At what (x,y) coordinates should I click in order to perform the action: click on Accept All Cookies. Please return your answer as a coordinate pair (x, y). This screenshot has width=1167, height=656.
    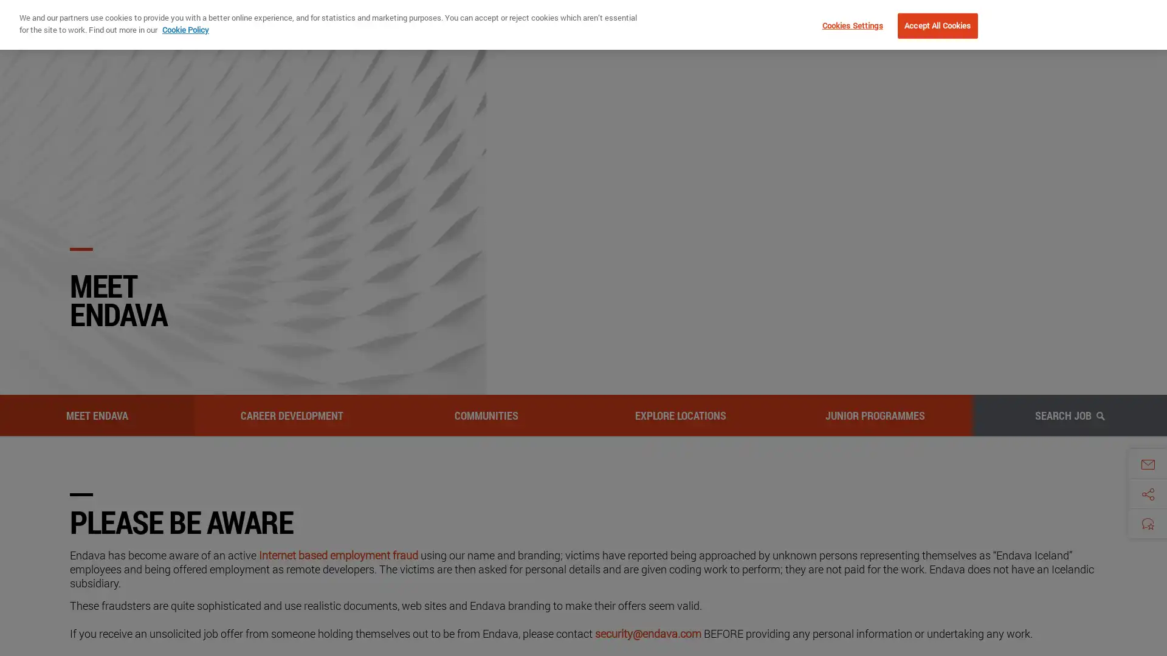
    Looking at the image, I should click on (937, 26).